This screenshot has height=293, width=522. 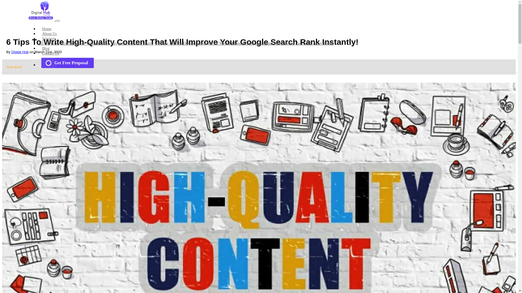 What do you see at coordinates (20, 52) in the screenshot?
I see `'Digital Hub'` at bounding box center [20, 52].